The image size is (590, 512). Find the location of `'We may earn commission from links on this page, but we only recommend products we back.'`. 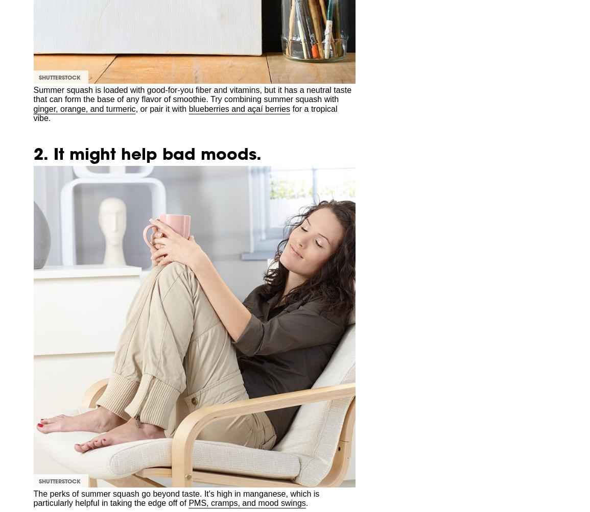

'We may earn commission from links on this page, but we only recommend products we back.' is located at coordinates (169, 114).